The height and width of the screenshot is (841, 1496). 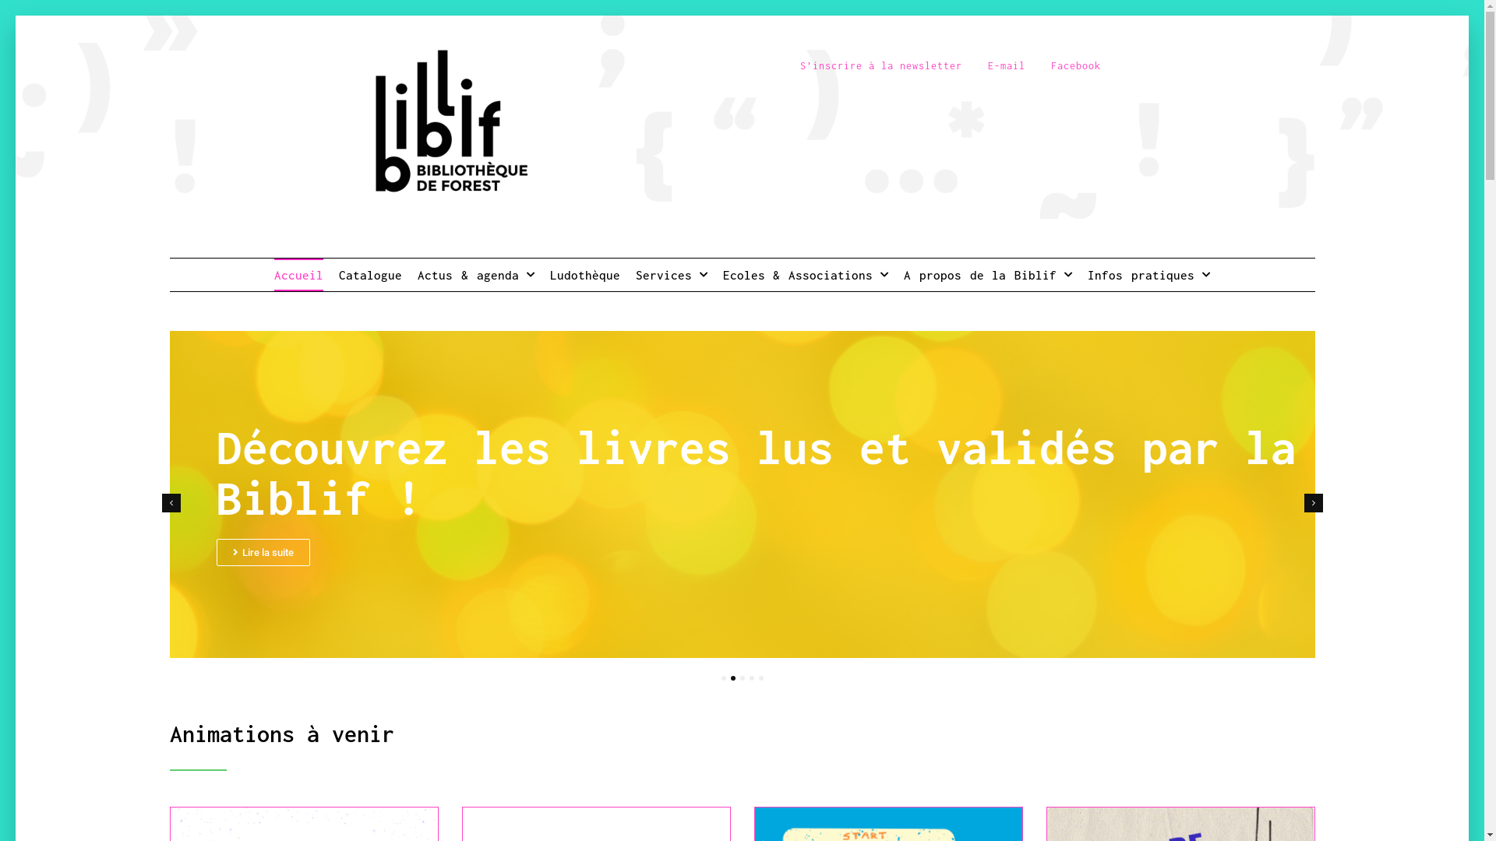 What do you see at coordinates (263, 547) in the screenshot?
I see `'Lire la suite'` at bounding box center [263, 547].